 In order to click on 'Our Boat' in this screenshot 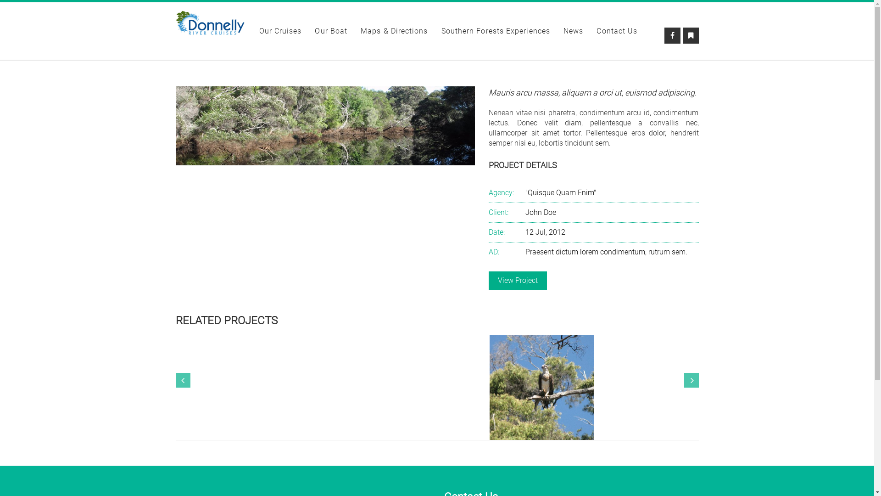, I will do `click(330, 31)`.